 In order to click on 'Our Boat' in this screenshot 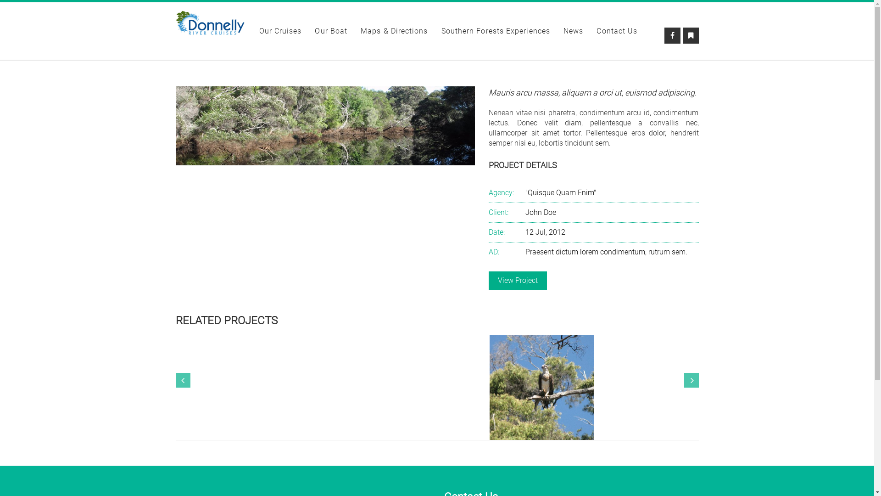, I will do `click(330, 31)`.